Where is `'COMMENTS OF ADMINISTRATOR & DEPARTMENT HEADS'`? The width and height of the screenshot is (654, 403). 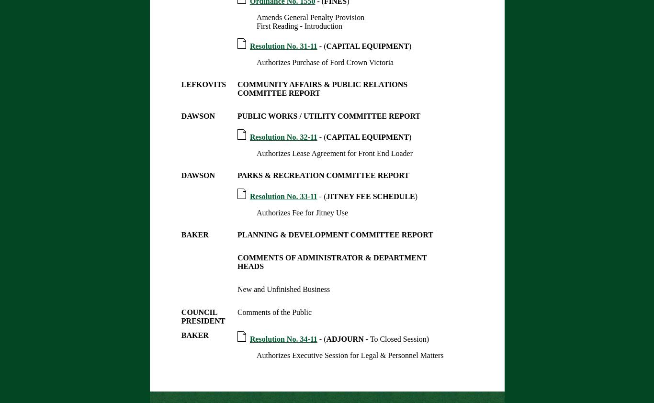 'COMMENTS OF ADMINISTRATOR & DEPARTMENT HEADS' is located at coordinates (331, 261).